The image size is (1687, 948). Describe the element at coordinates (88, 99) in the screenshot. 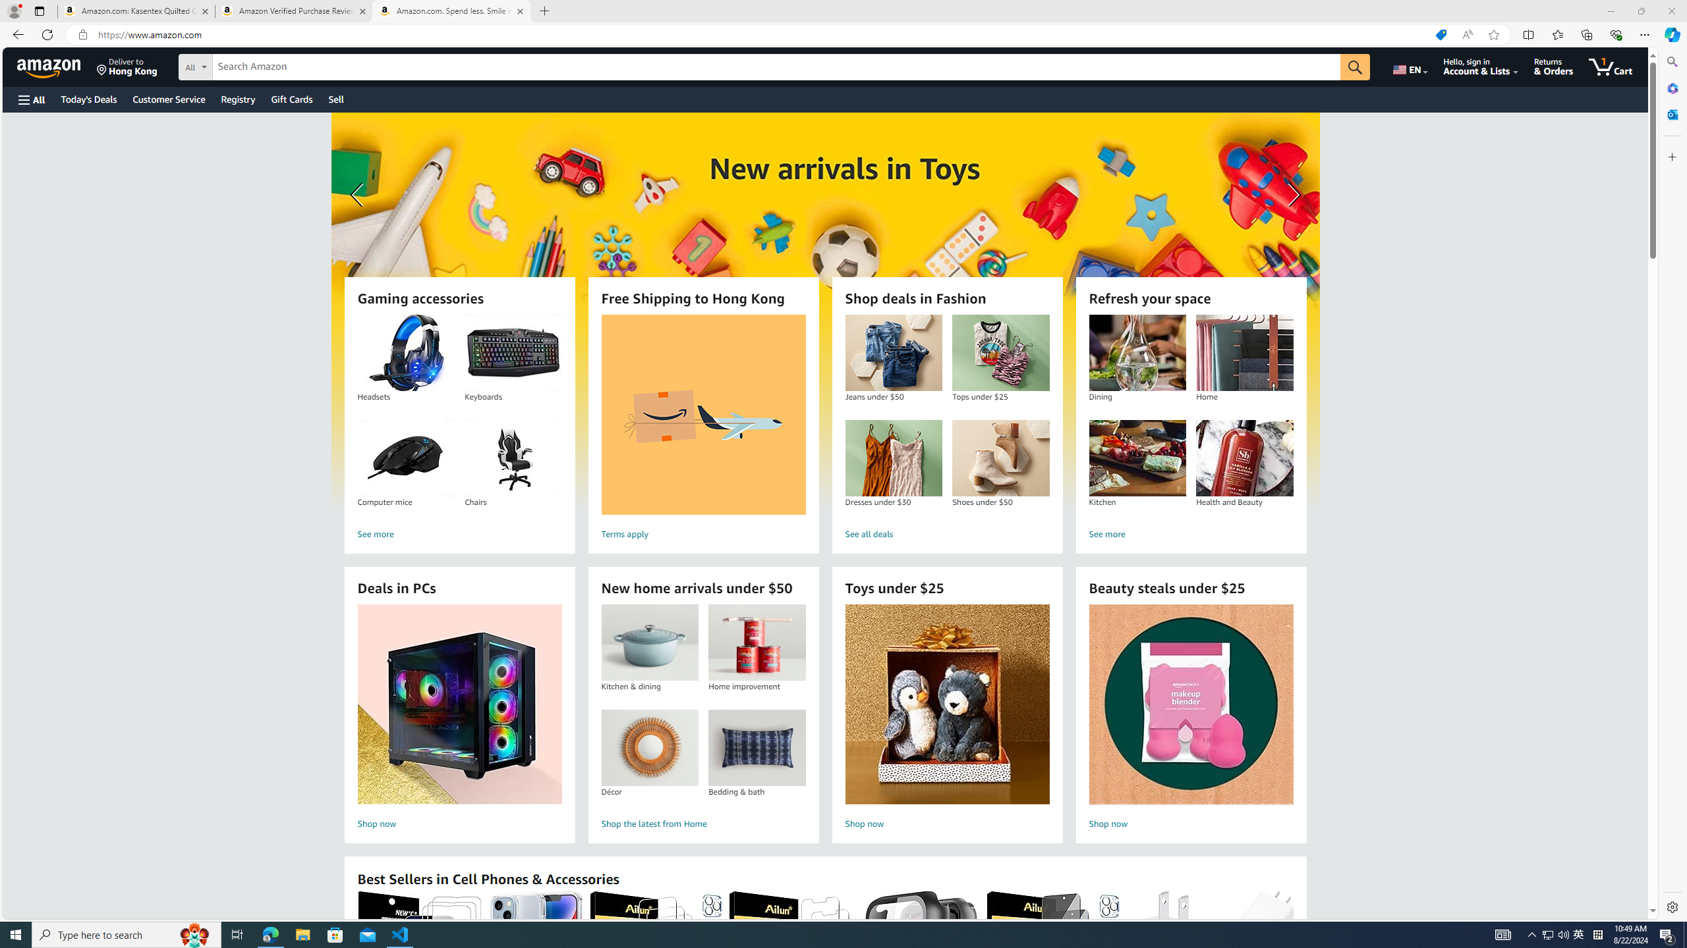

I see `'Today'` at that location.